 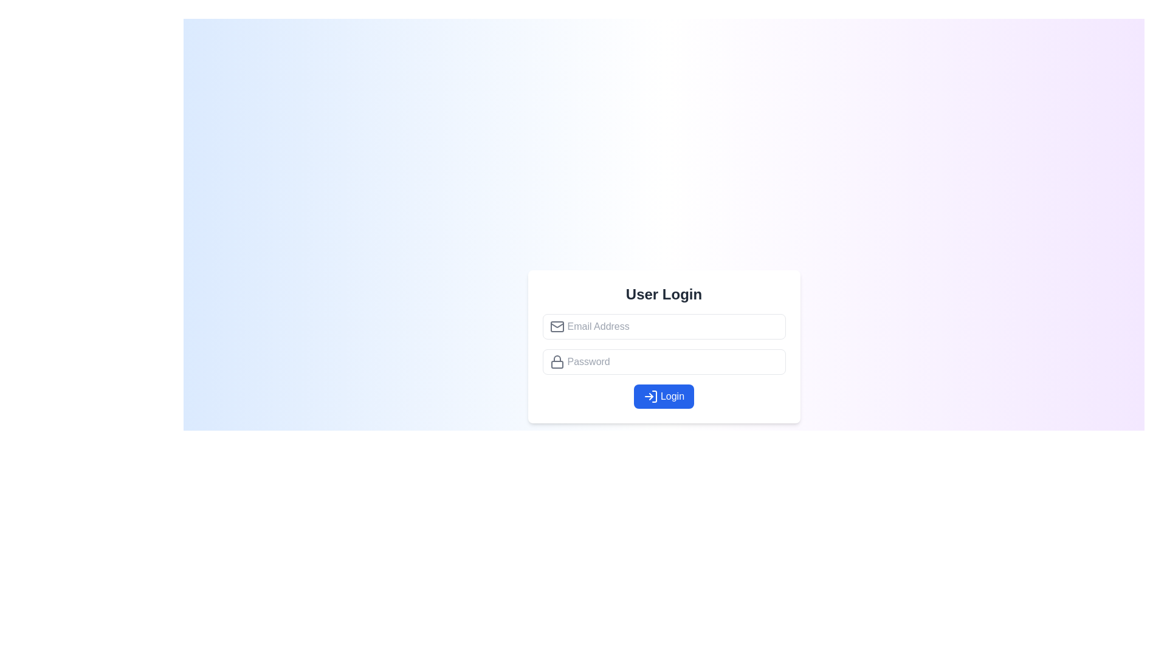 What do you see at coordinates (650, 396) in the screenshot?
I see `the SVG icon button located to the left of the 'Login' text within the blue 'Login' button to trigger the hover effect` at bounding box center [650, 396].